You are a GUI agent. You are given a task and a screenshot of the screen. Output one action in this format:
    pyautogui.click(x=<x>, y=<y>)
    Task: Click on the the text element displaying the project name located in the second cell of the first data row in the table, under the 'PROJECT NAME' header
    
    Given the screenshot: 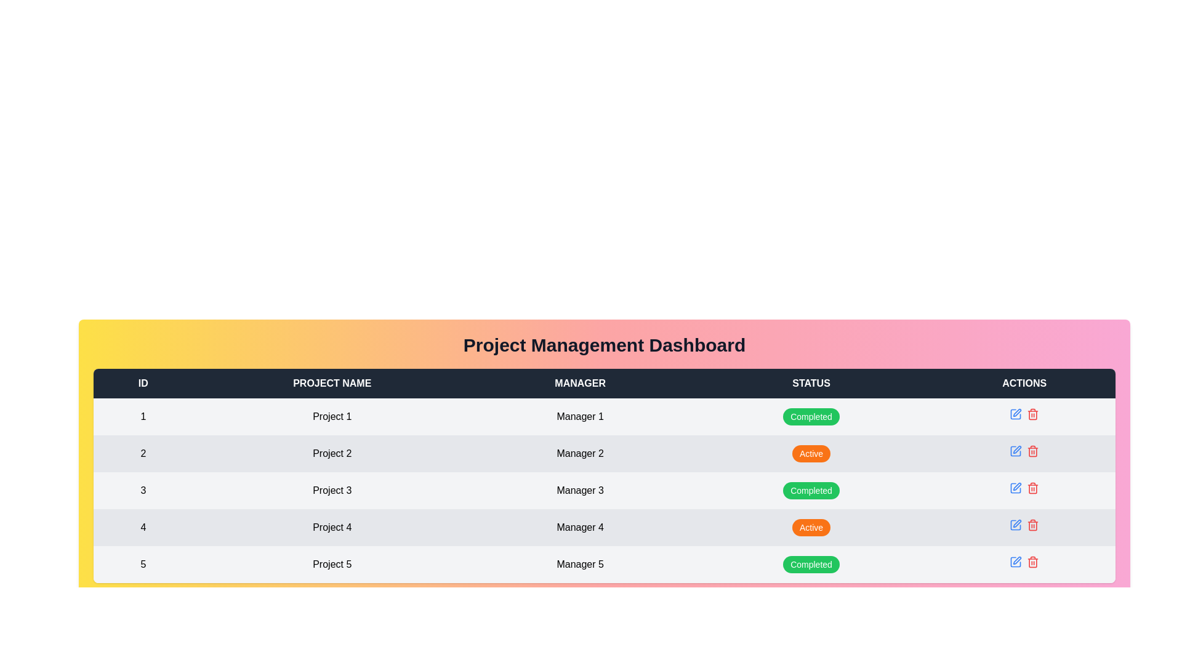 What is the action you would take?
    pyautogui.click(x=332, y=416)
    